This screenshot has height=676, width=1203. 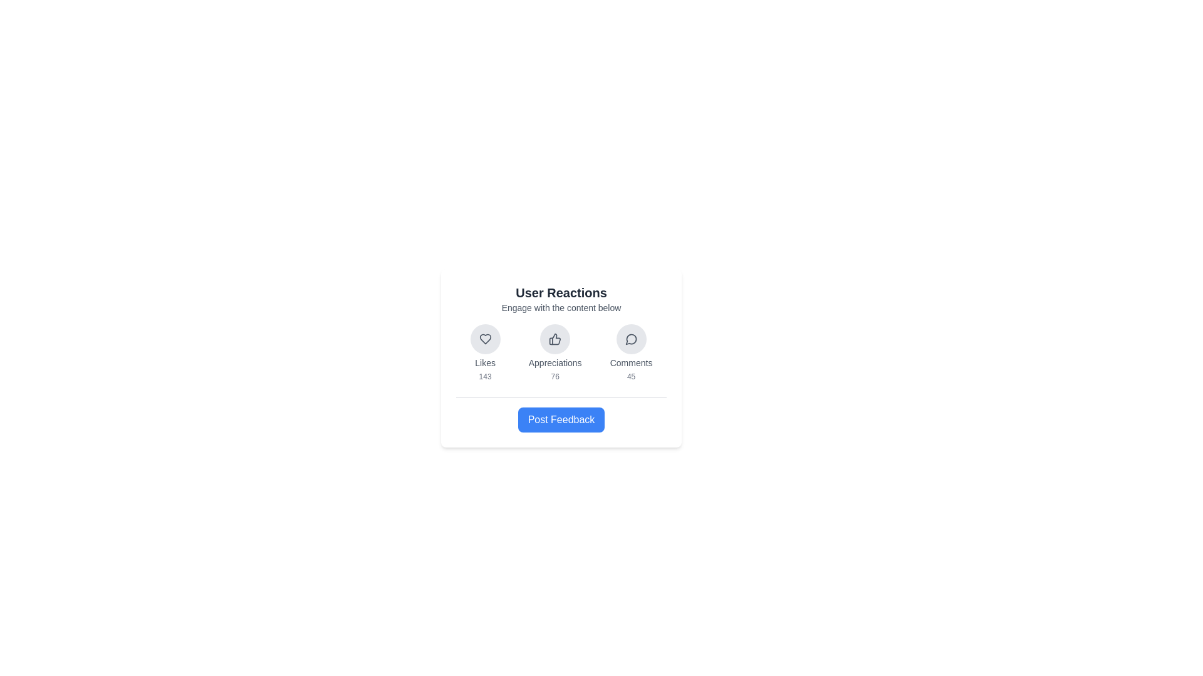 What do you see at coordinates (561, 352) in the screenshot?
I see `the individual icons within the social interaction statistics section to interact with them, as indicated by their functionality` at bounding box center [561, 352].